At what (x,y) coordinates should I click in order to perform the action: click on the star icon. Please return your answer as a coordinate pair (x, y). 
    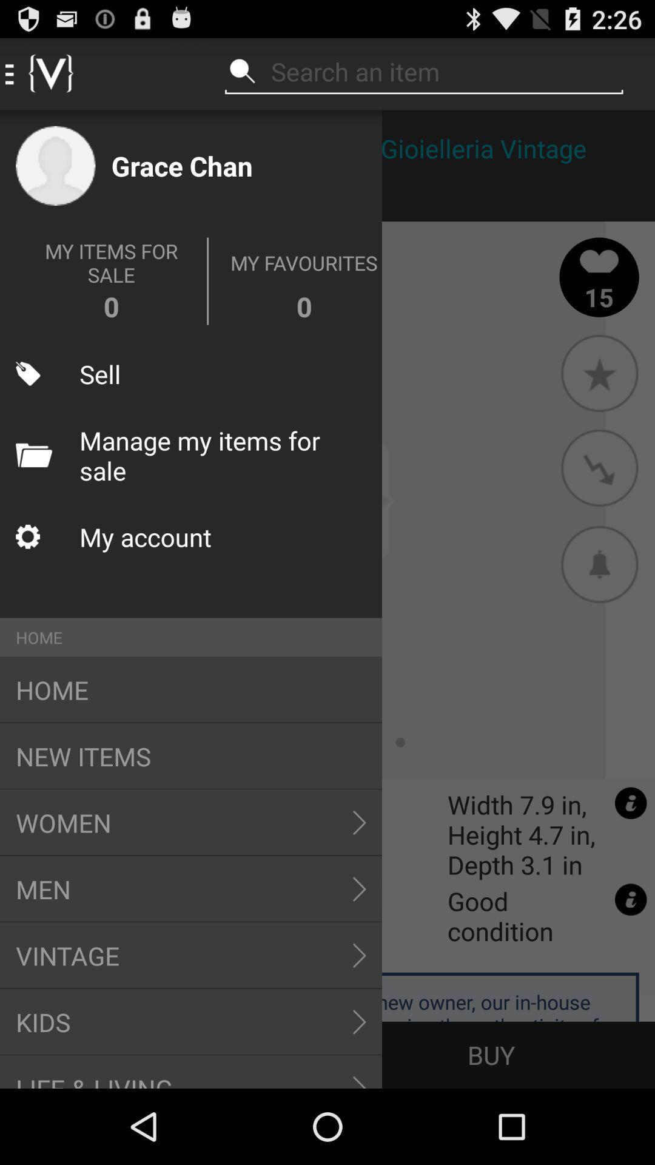
    Looking at the image, I should click on (599, 372).